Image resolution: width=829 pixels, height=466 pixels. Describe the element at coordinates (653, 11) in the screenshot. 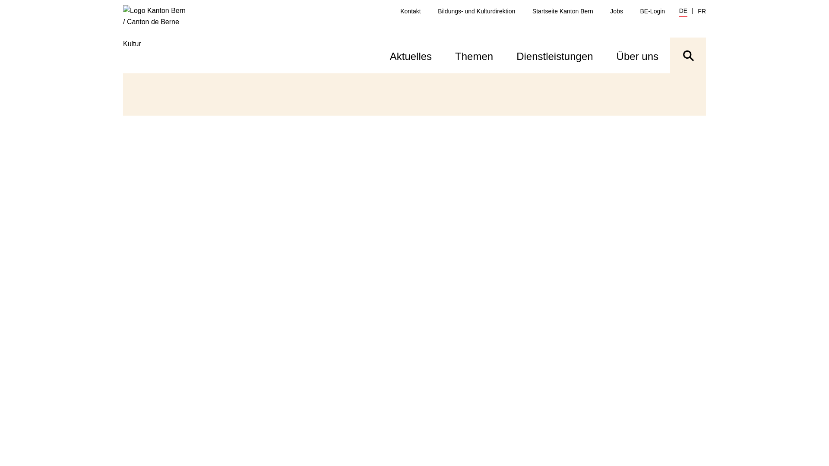

I see `'BE-Login'` at that location.